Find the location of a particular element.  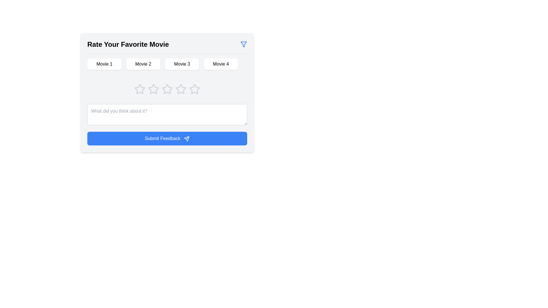

the text label displaying 'Movie 4', which is styled with a medium font size and is located in a card-like box with a white background, rounded corners, and a drop shadow is located at coordinates (220, 64).